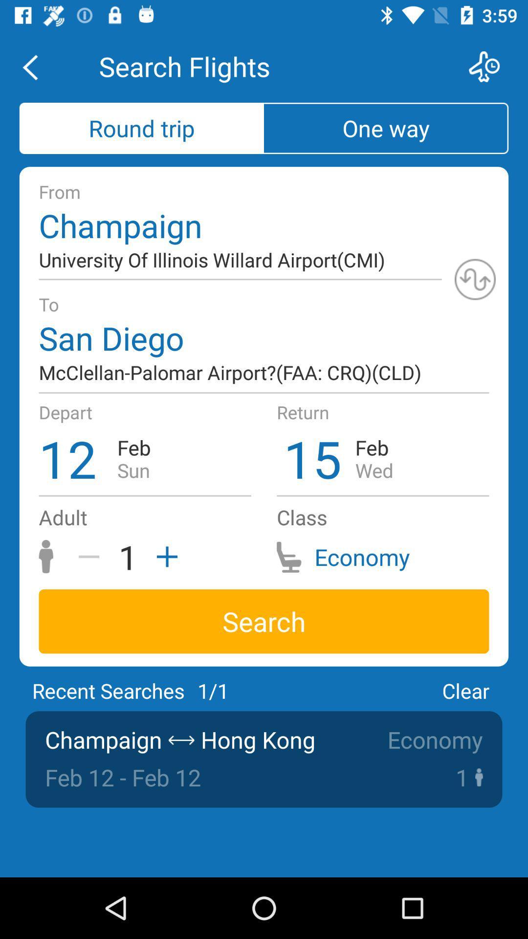 This screenshot has height=939, width=528. What do you see at coordinates (490, 66) in the screenshot?
I see `airplane timings` at bounding box center [490, 66].